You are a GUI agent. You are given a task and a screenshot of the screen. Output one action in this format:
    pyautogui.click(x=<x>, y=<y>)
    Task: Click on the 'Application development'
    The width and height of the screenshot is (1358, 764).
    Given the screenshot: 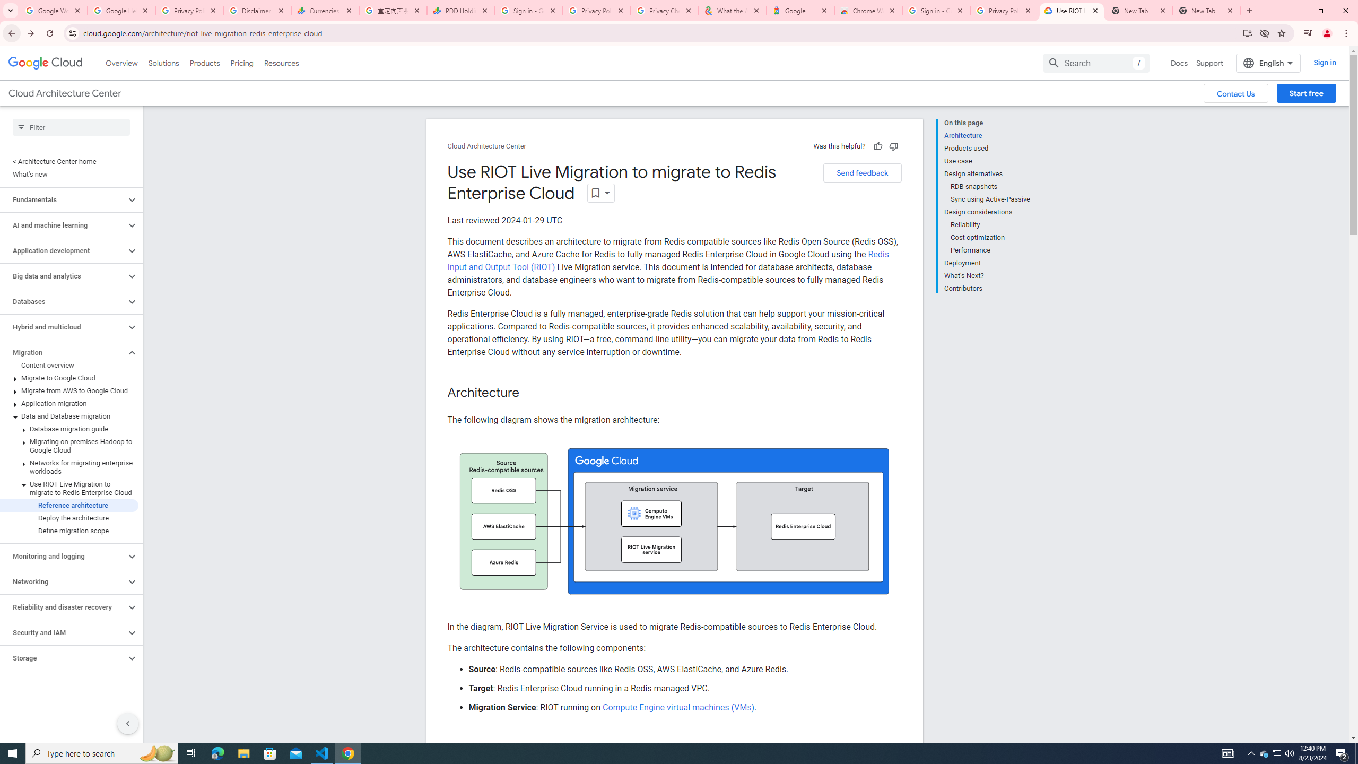 What is the action you would take?
    pyautogui.click(x=63, y=250)
    